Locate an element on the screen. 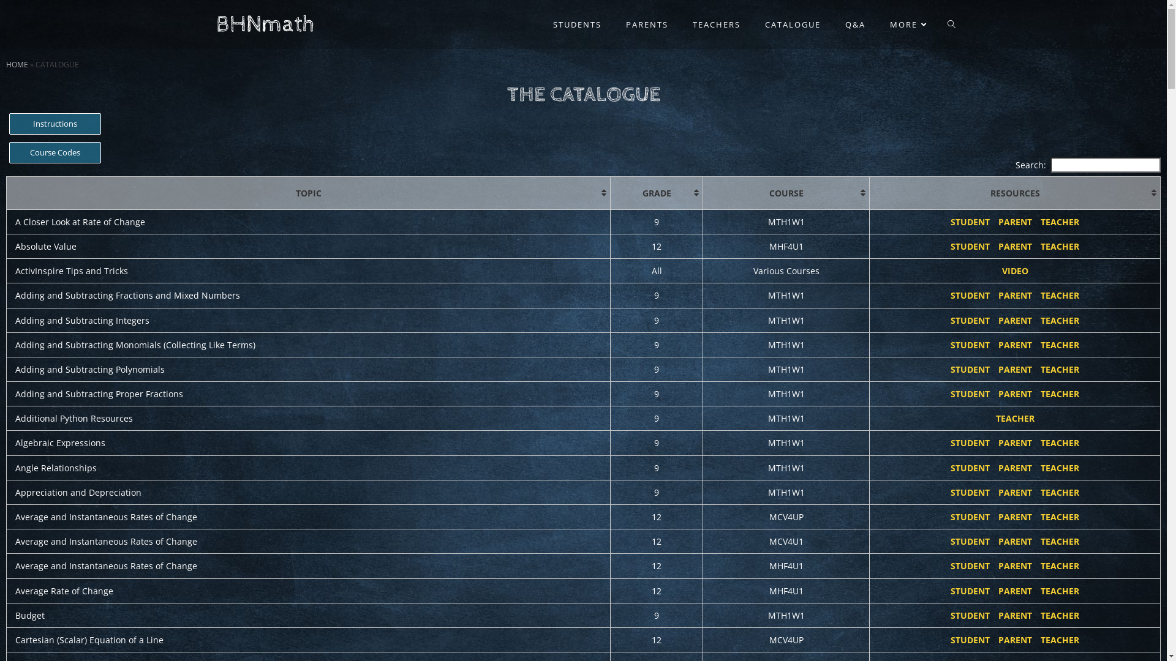 The height and width of the screenshot is (661, 1176). 'VIDEO' is located at coordinates (1015, 270).